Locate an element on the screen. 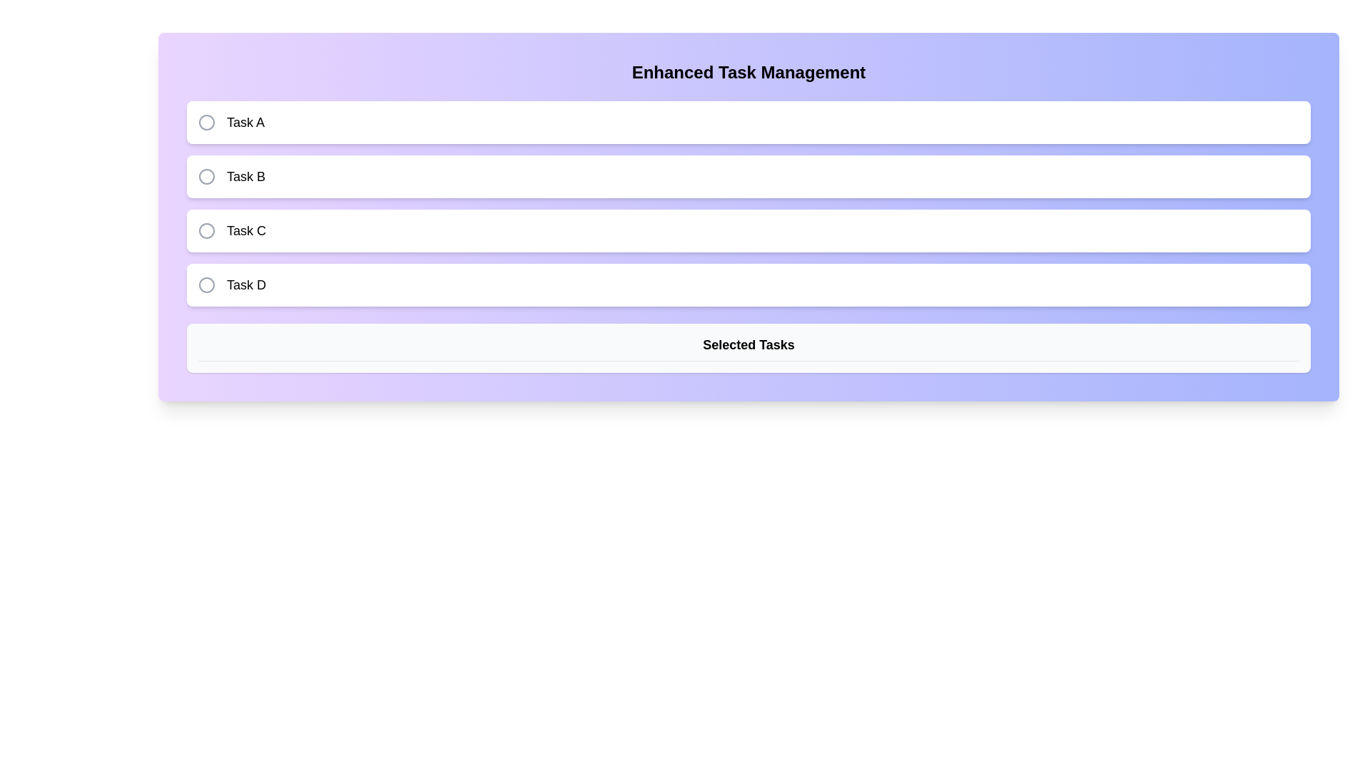  the 'Task B' button, which is the second item in a vertical list of tasks is located at coordinates (748, 175).